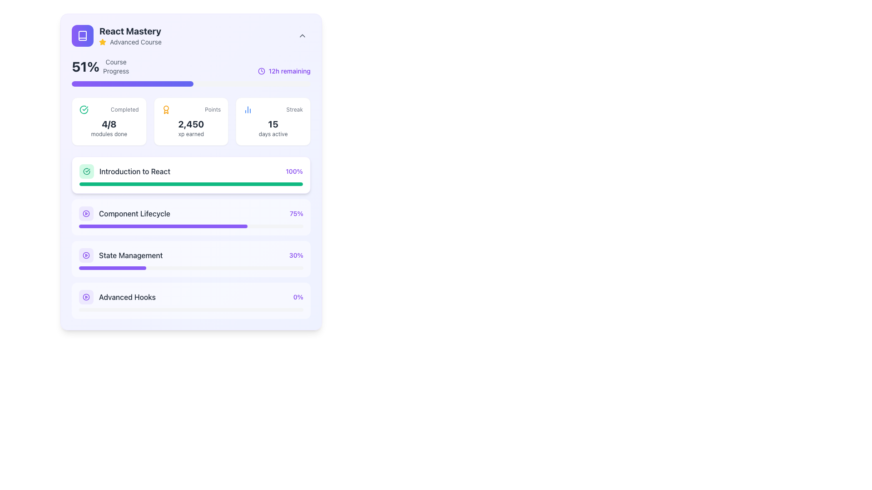 The width and height of the screenshot is (872, 490). I want to click on the text label that serves as a descriptor for the dashboard section, located at the top-left of the card layout above the progress bar, so click(115, 62).